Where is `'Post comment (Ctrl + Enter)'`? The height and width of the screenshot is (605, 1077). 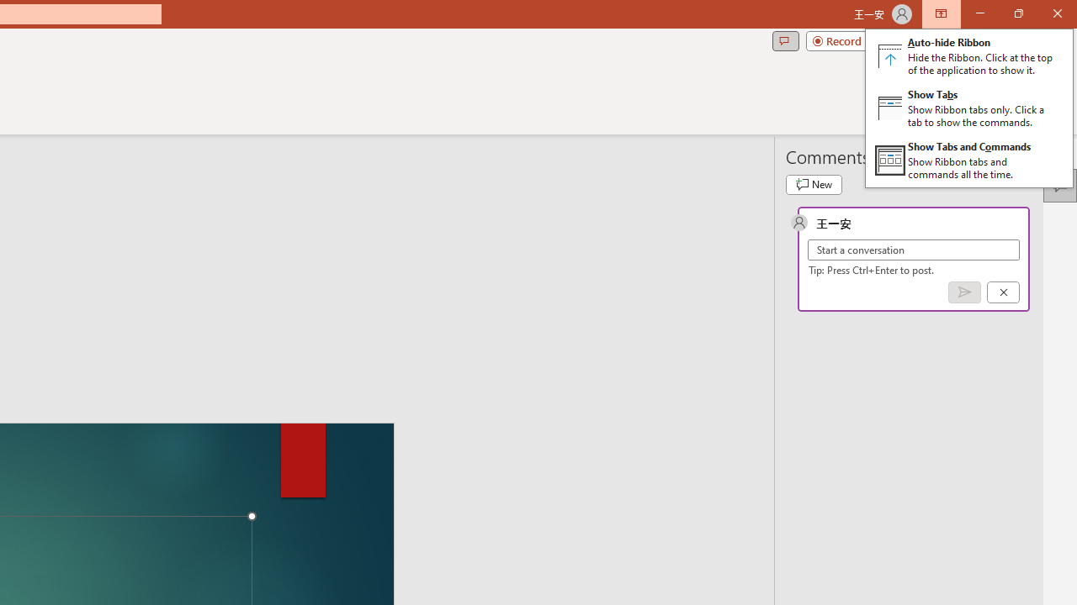 'Post comment (Ctrl + Enter)' is located at coordinates (964, 291).